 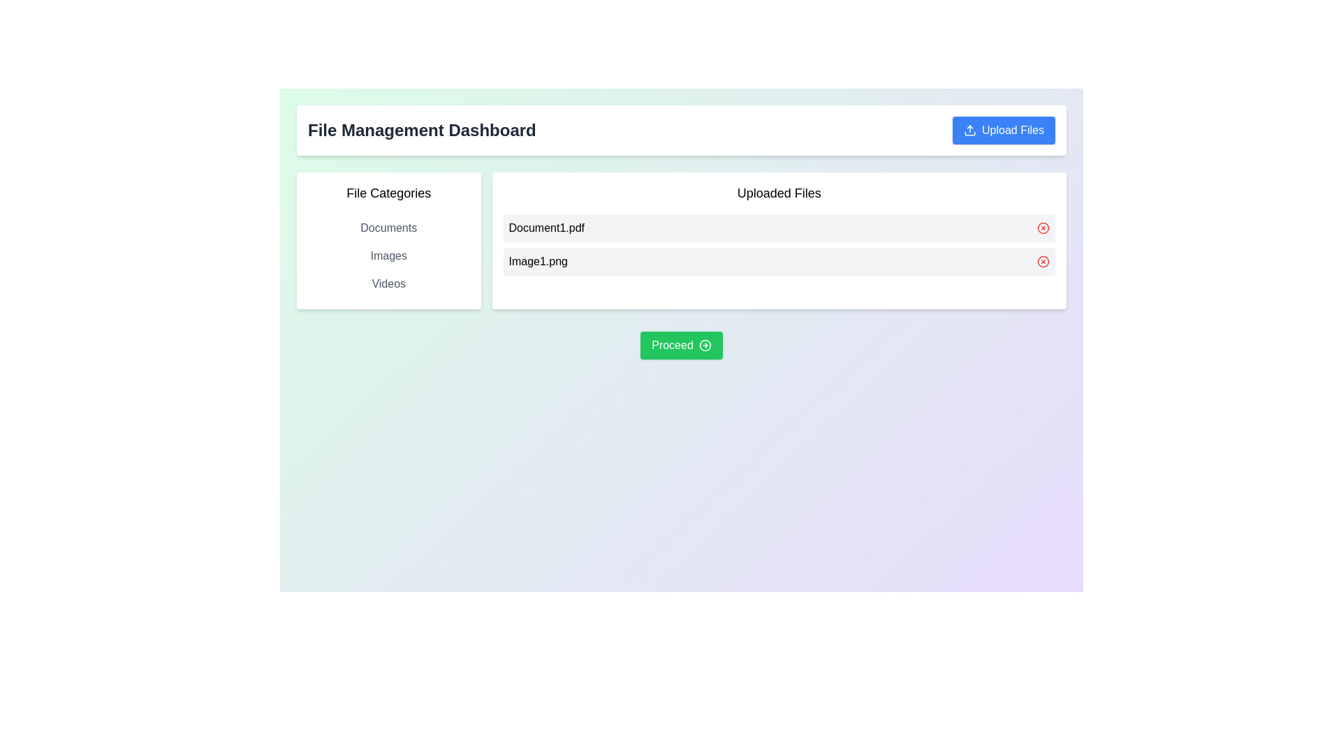 I want to click on the circular icon with a green ring located at the center-right of the green 'Proceed' button, so click(x=705, y=345).